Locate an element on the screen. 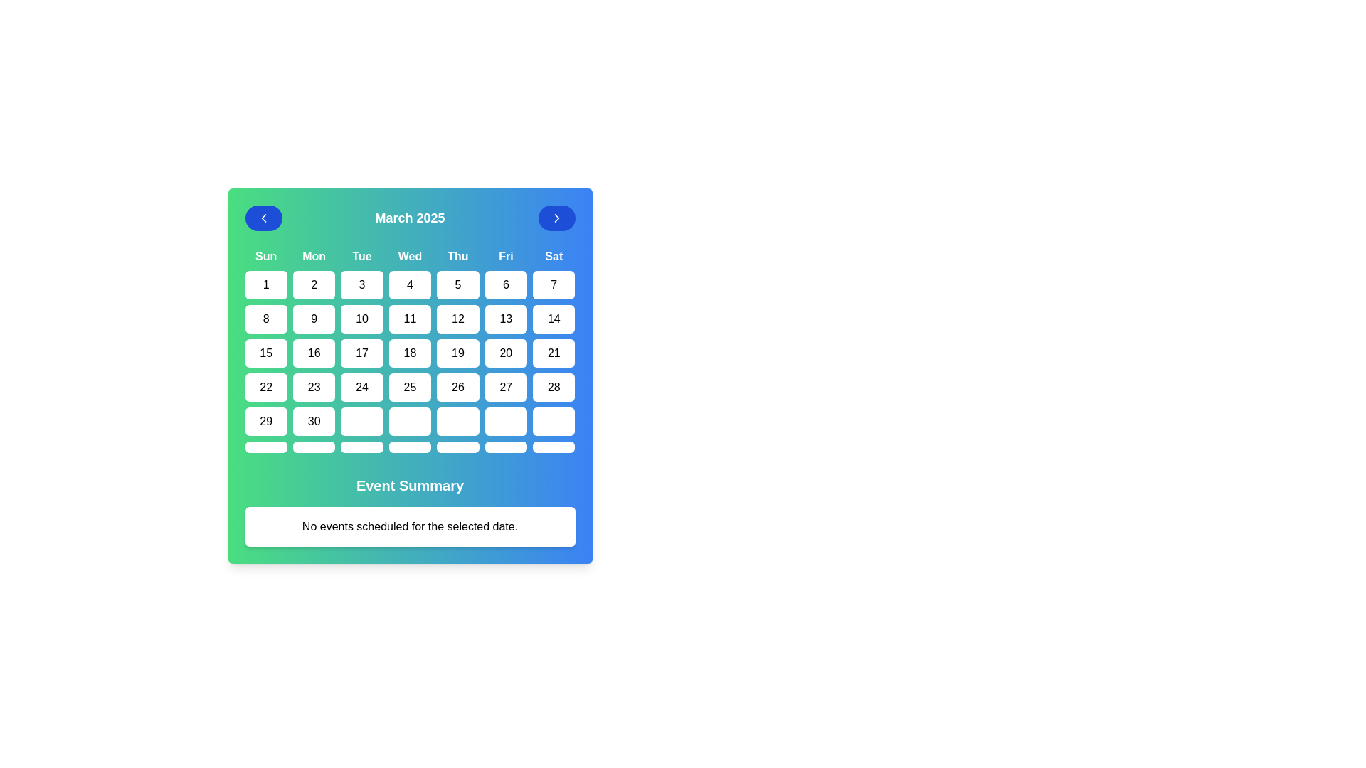 The image size is (1366, 768). the square button with rounded corners displaying the number '18' is located at coordinates (409, 353).